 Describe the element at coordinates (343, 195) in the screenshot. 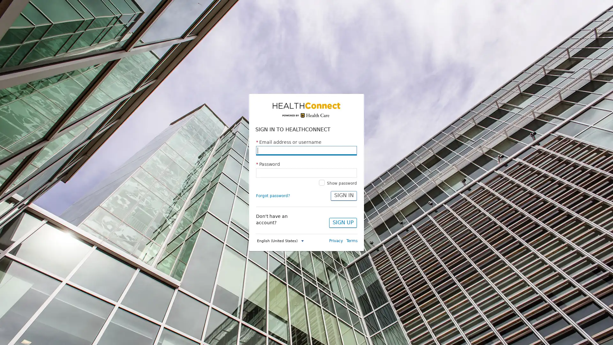

I see `SIGN IN` at that location.